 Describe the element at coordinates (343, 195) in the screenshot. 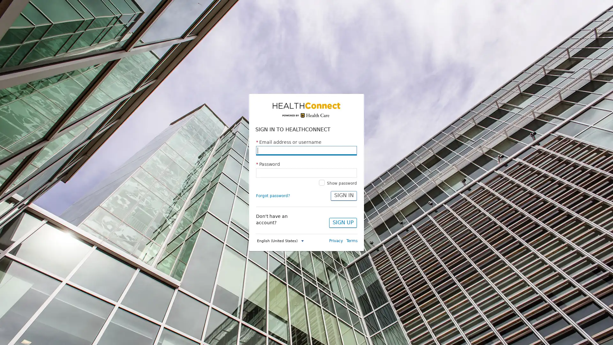

I see `SIGN IN` at that location.